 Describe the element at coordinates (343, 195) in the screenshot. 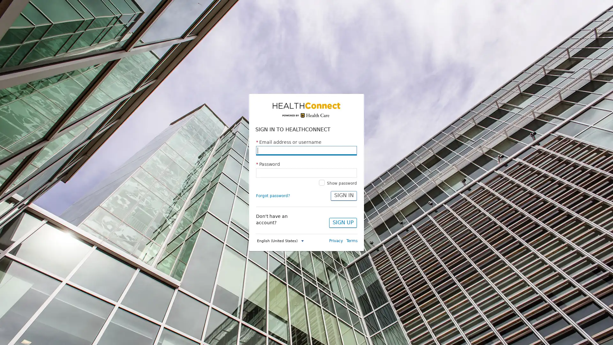

I see `SIGN IN` at that location.